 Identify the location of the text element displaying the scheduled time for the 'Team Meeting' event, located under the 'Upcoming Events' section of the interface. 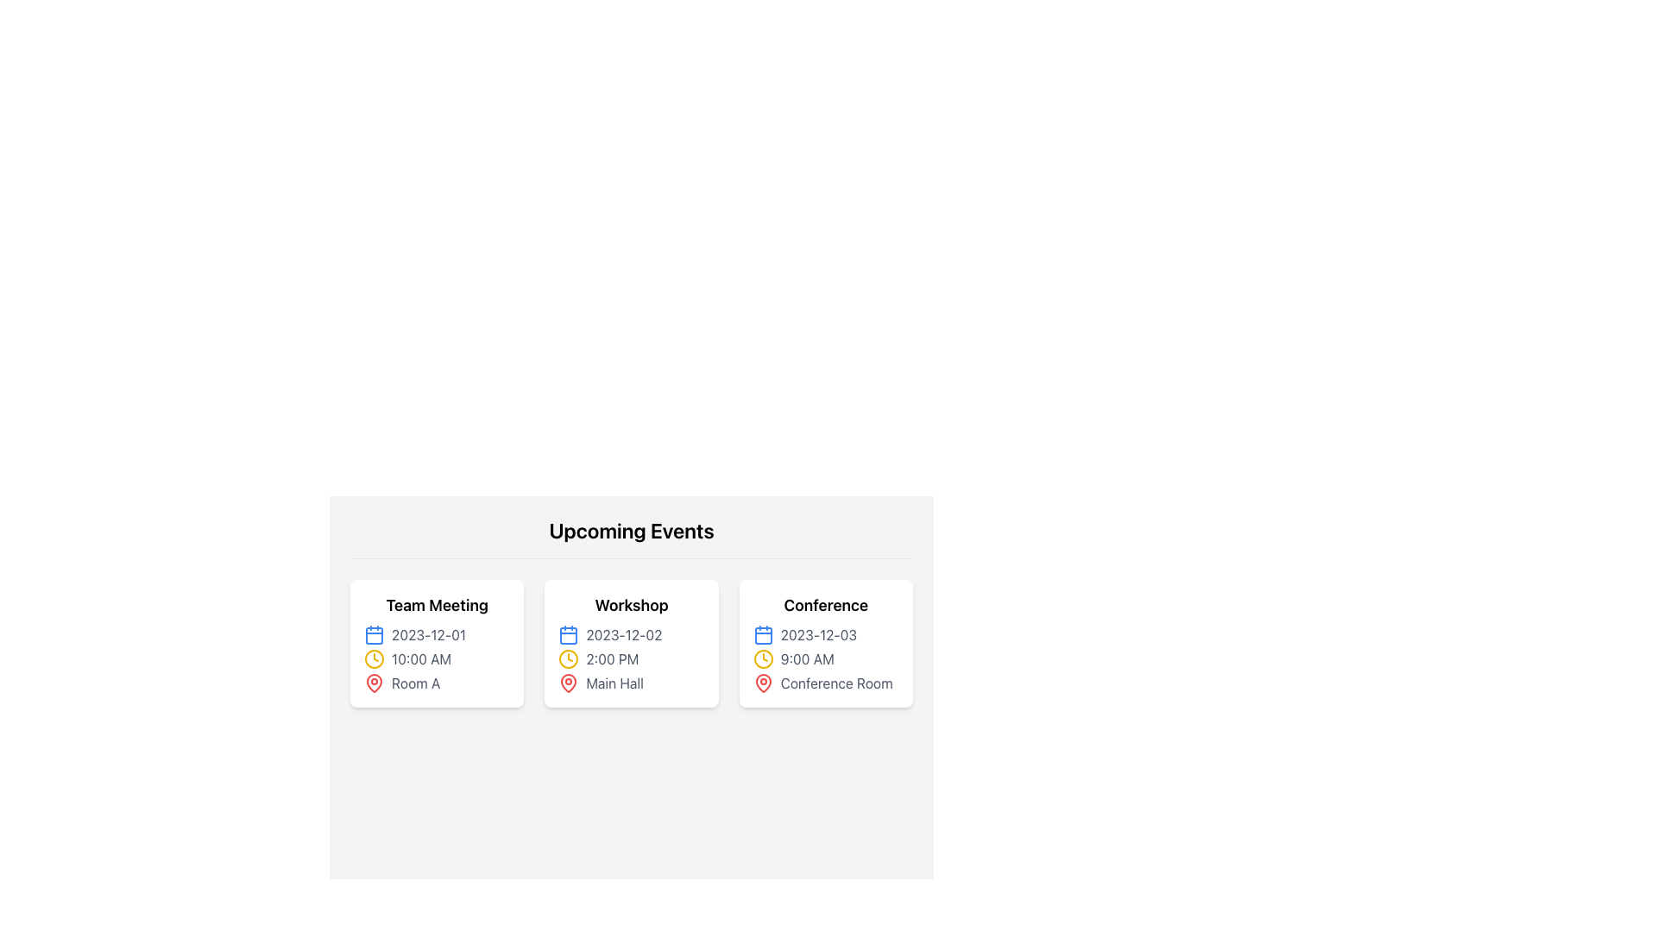
(437, 658).